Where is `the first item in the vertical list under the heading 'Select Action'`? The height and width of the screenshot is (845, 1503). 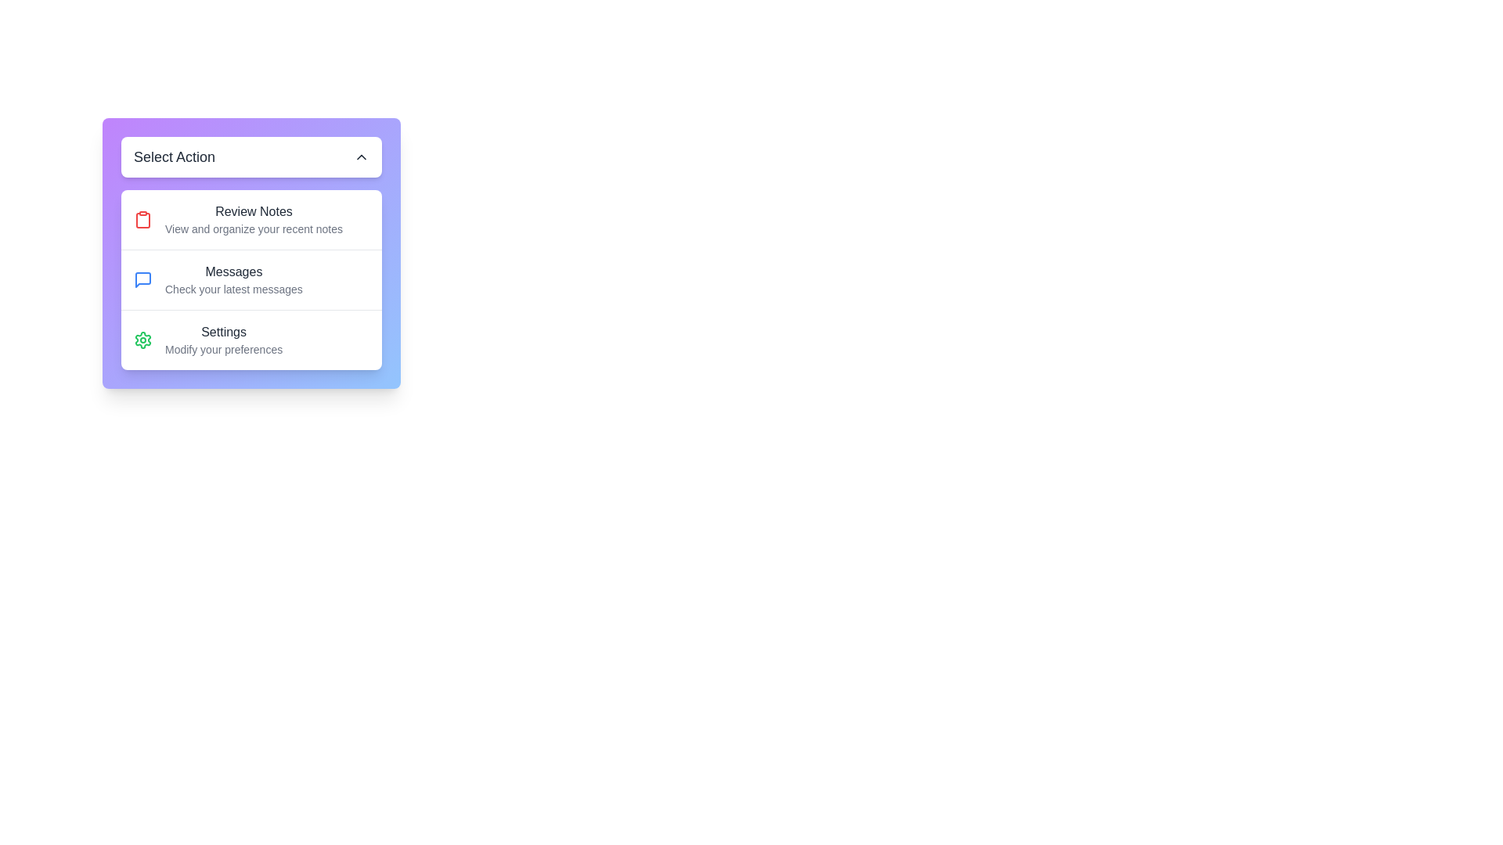
the first item in the vertical list under the heading 'Select Action' is located at coordinates (251, 220).